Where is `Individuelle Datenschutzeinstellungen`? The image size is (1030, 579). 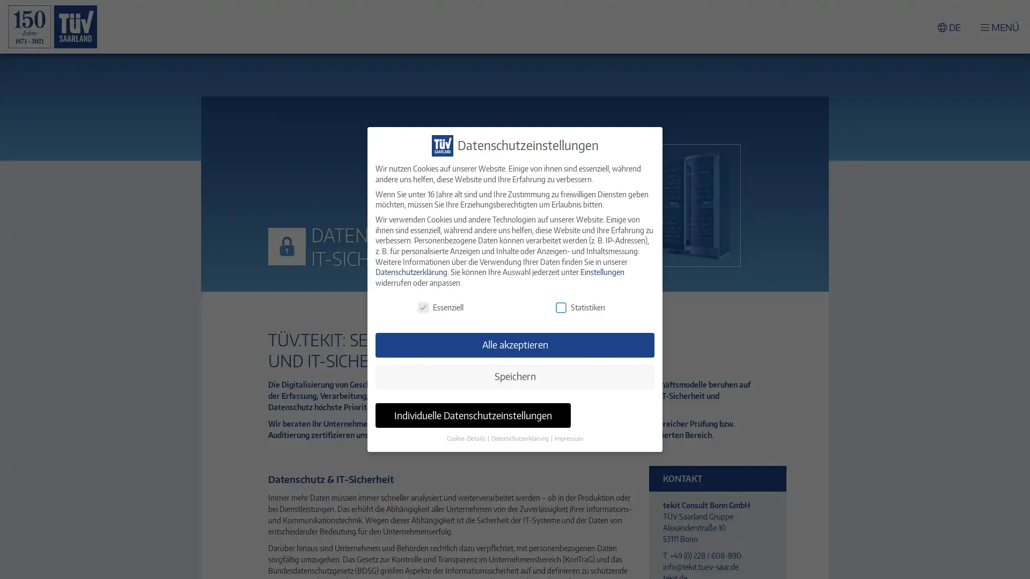 Individuelle Datenschutzeinstellungen is located at coordinates (473, 415).